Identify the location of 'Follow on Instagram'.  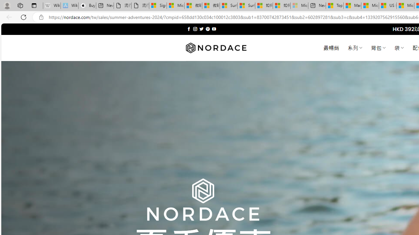
(195, 29).